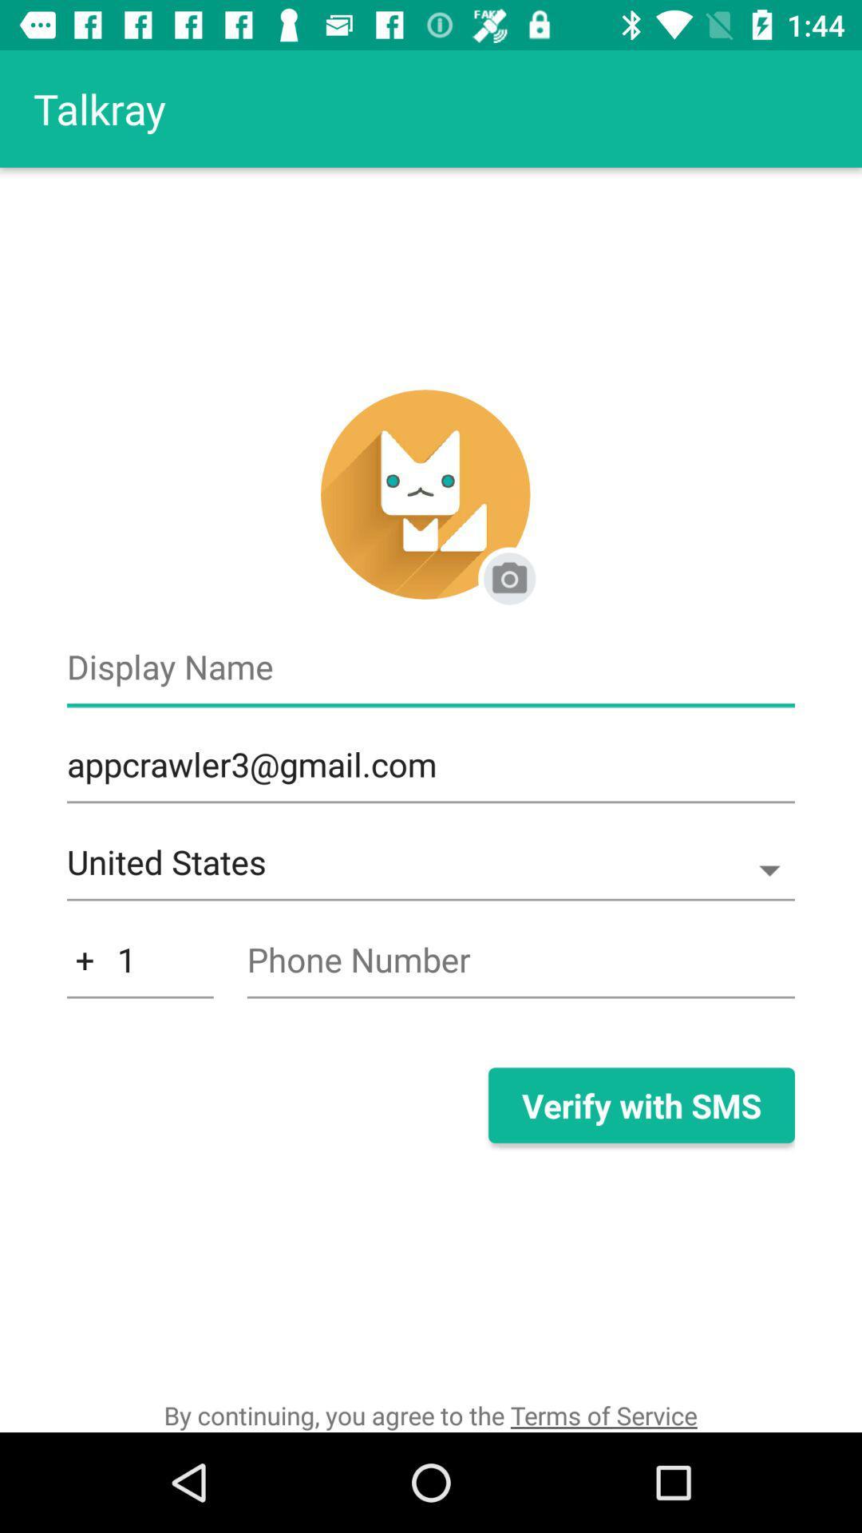  What do you see at coordinates (640, 1104) in the screenshot?
I see `item at the bottom right corner` at bounding box center [640, 1104].